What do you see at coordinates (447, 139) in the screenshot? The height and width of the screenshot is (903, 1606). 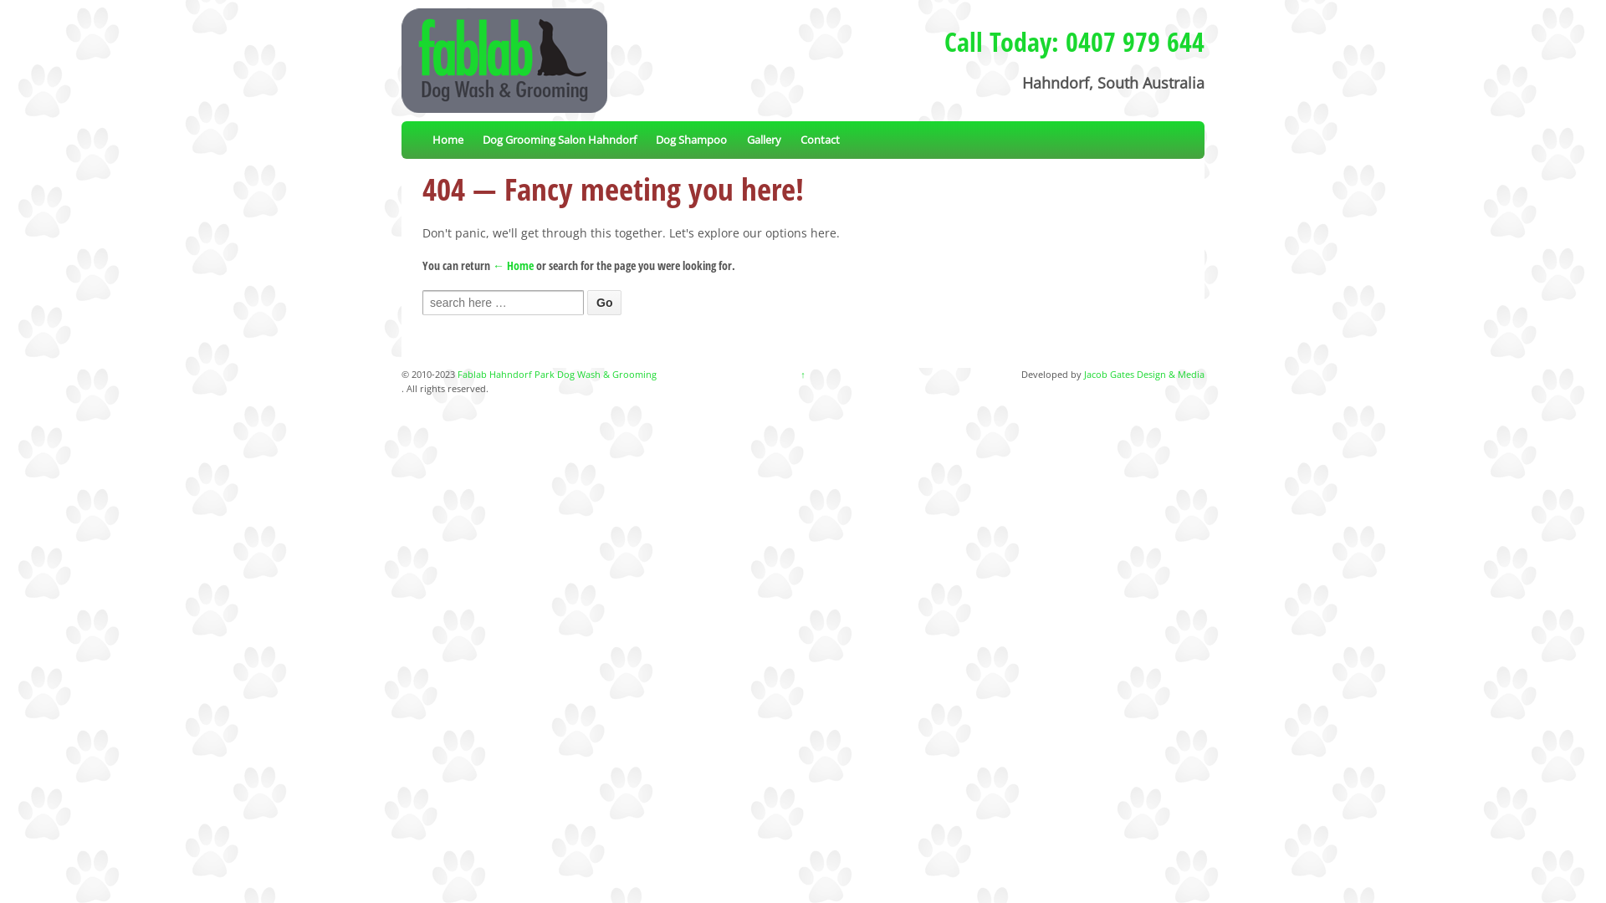 I see `'Home'` at bounding box center [447, 139].